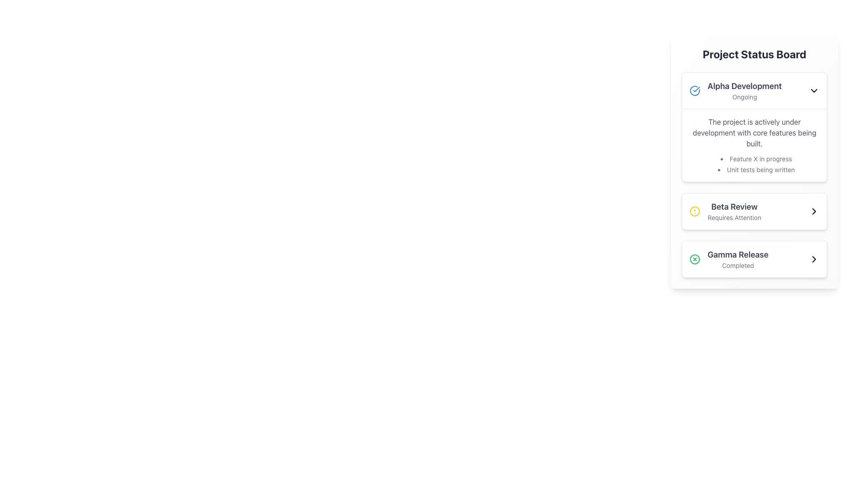 This screenshot has width=867, height=488. I want to click on text located in the 'Alpha Development' section of the 'Project Status Board' interface, which provides insight into the current state of the project, so click(754, 132).